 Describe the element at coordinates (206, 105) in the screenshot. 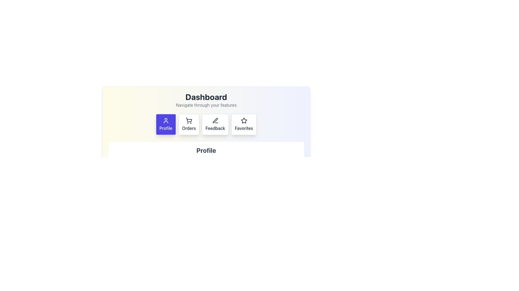

I see `the text label that contains the phrase 'Navigate through your features', which is styled with a medium gray font color and positioned directly beneath the 'Dashboard' heading` at that location.